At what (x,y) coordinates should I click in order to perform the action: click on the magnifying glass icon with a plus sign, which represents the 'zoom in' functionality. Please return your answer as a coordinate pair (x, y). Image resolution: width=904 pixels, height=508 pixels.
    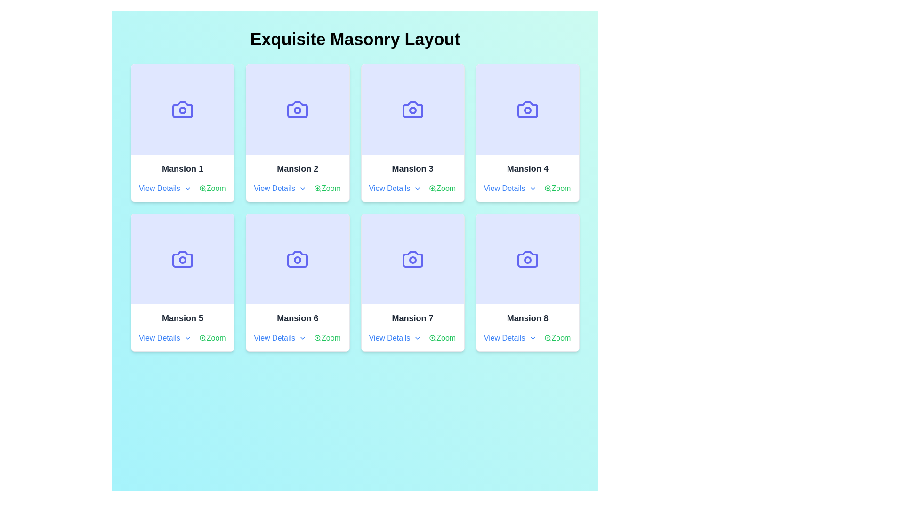
    Looking at the image, I should click on (202, 189).